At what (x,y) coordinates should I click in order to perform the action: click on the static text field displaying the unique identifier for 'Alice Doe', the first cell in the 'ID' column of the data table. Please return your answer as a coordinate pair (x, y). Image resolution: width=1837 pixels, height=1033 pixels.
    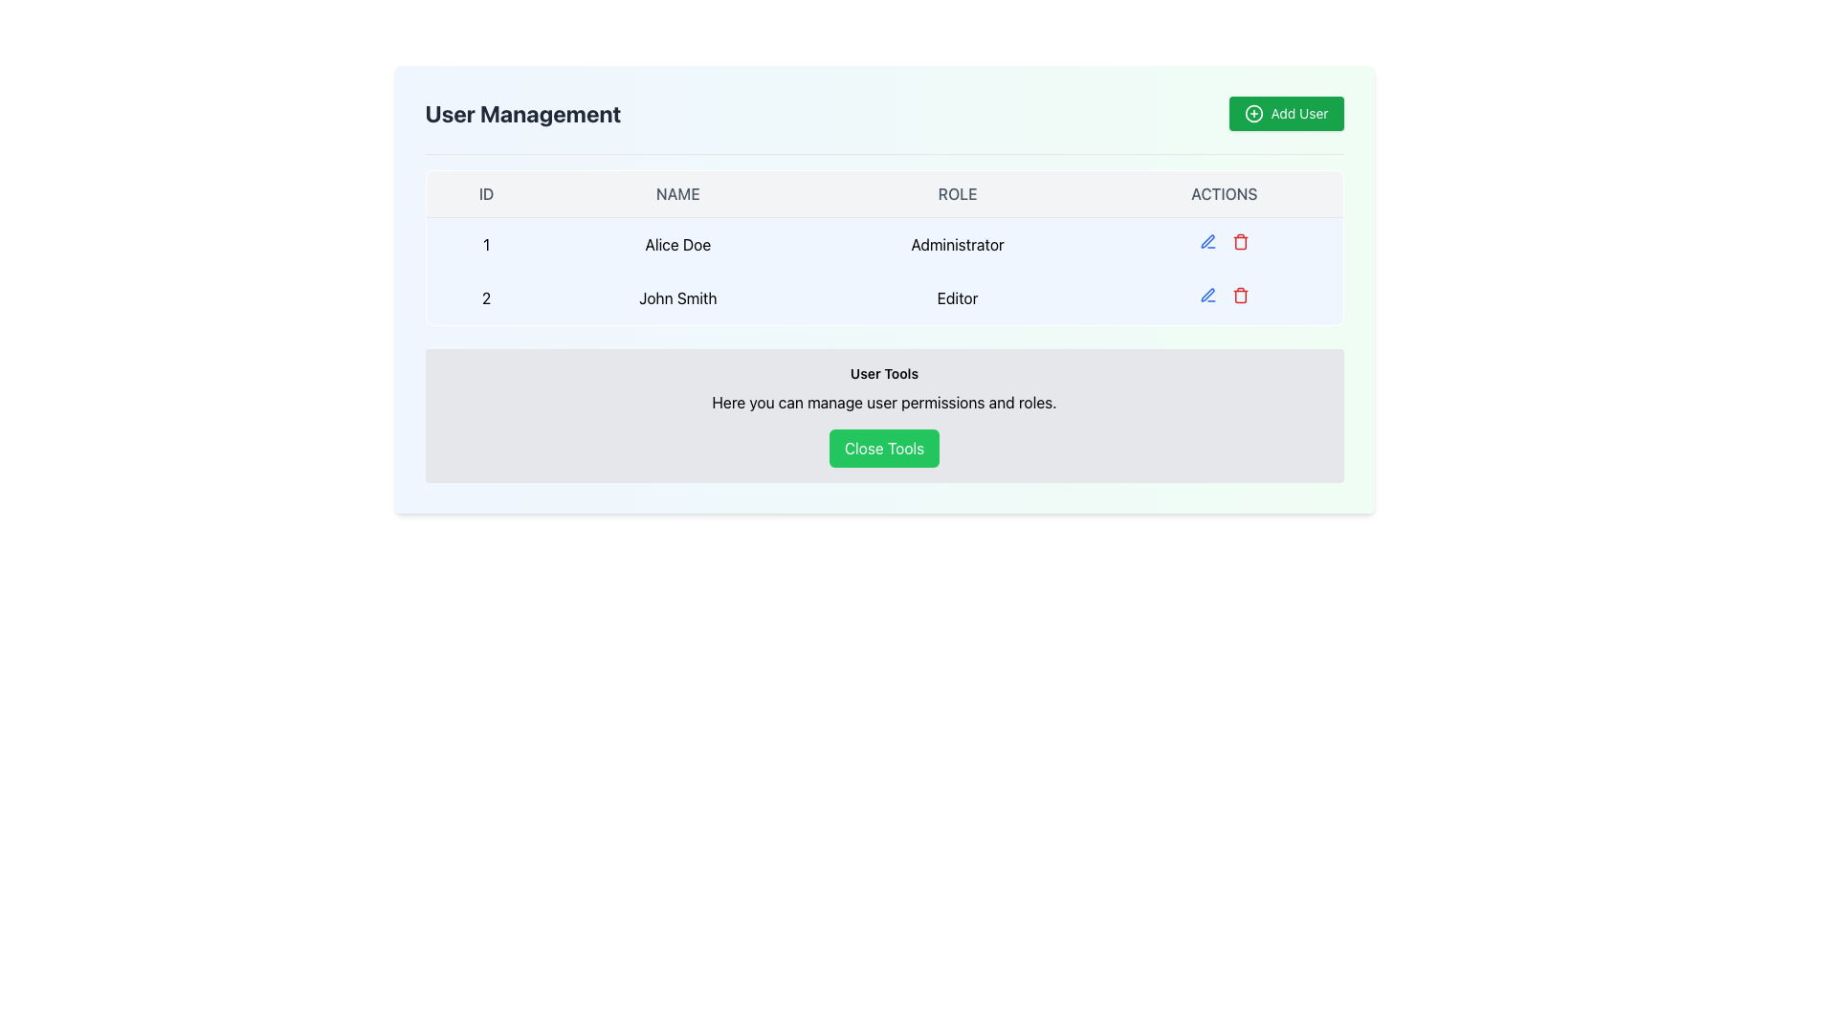
    Looking at the image, I should click on (486, 243).